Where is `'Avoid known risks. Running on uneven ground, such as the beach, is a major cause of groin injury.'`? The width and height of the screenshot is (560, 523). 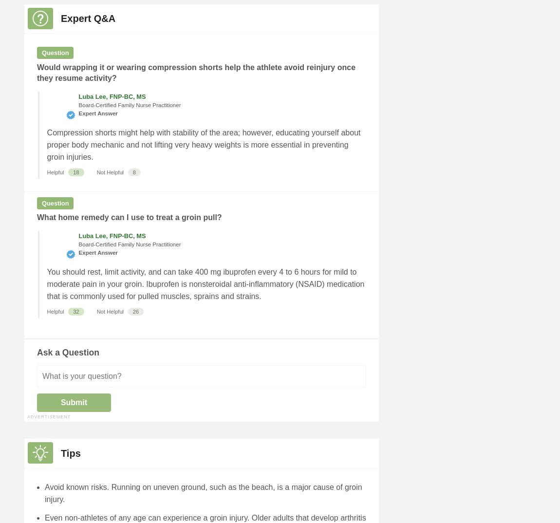 'Avoid known risks. Running on uneven ground, such as the beach, is a major cause of groin injury.' is located at coordinates (203, 492).